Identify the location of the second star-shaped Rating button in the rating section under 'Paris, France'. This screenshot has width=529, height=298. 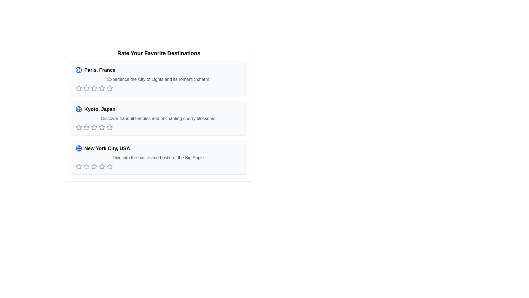
(86, 88).